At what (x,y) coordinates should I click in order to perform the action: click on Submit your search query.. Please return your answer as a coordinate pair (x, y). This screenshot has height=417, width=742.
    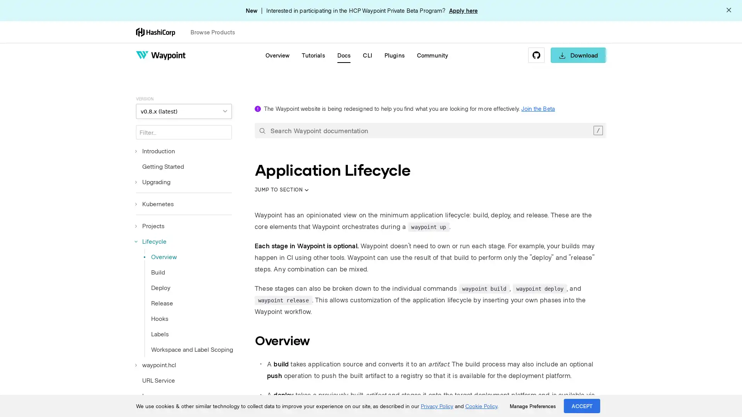
    Looking at the image, I should click on (262, 130).